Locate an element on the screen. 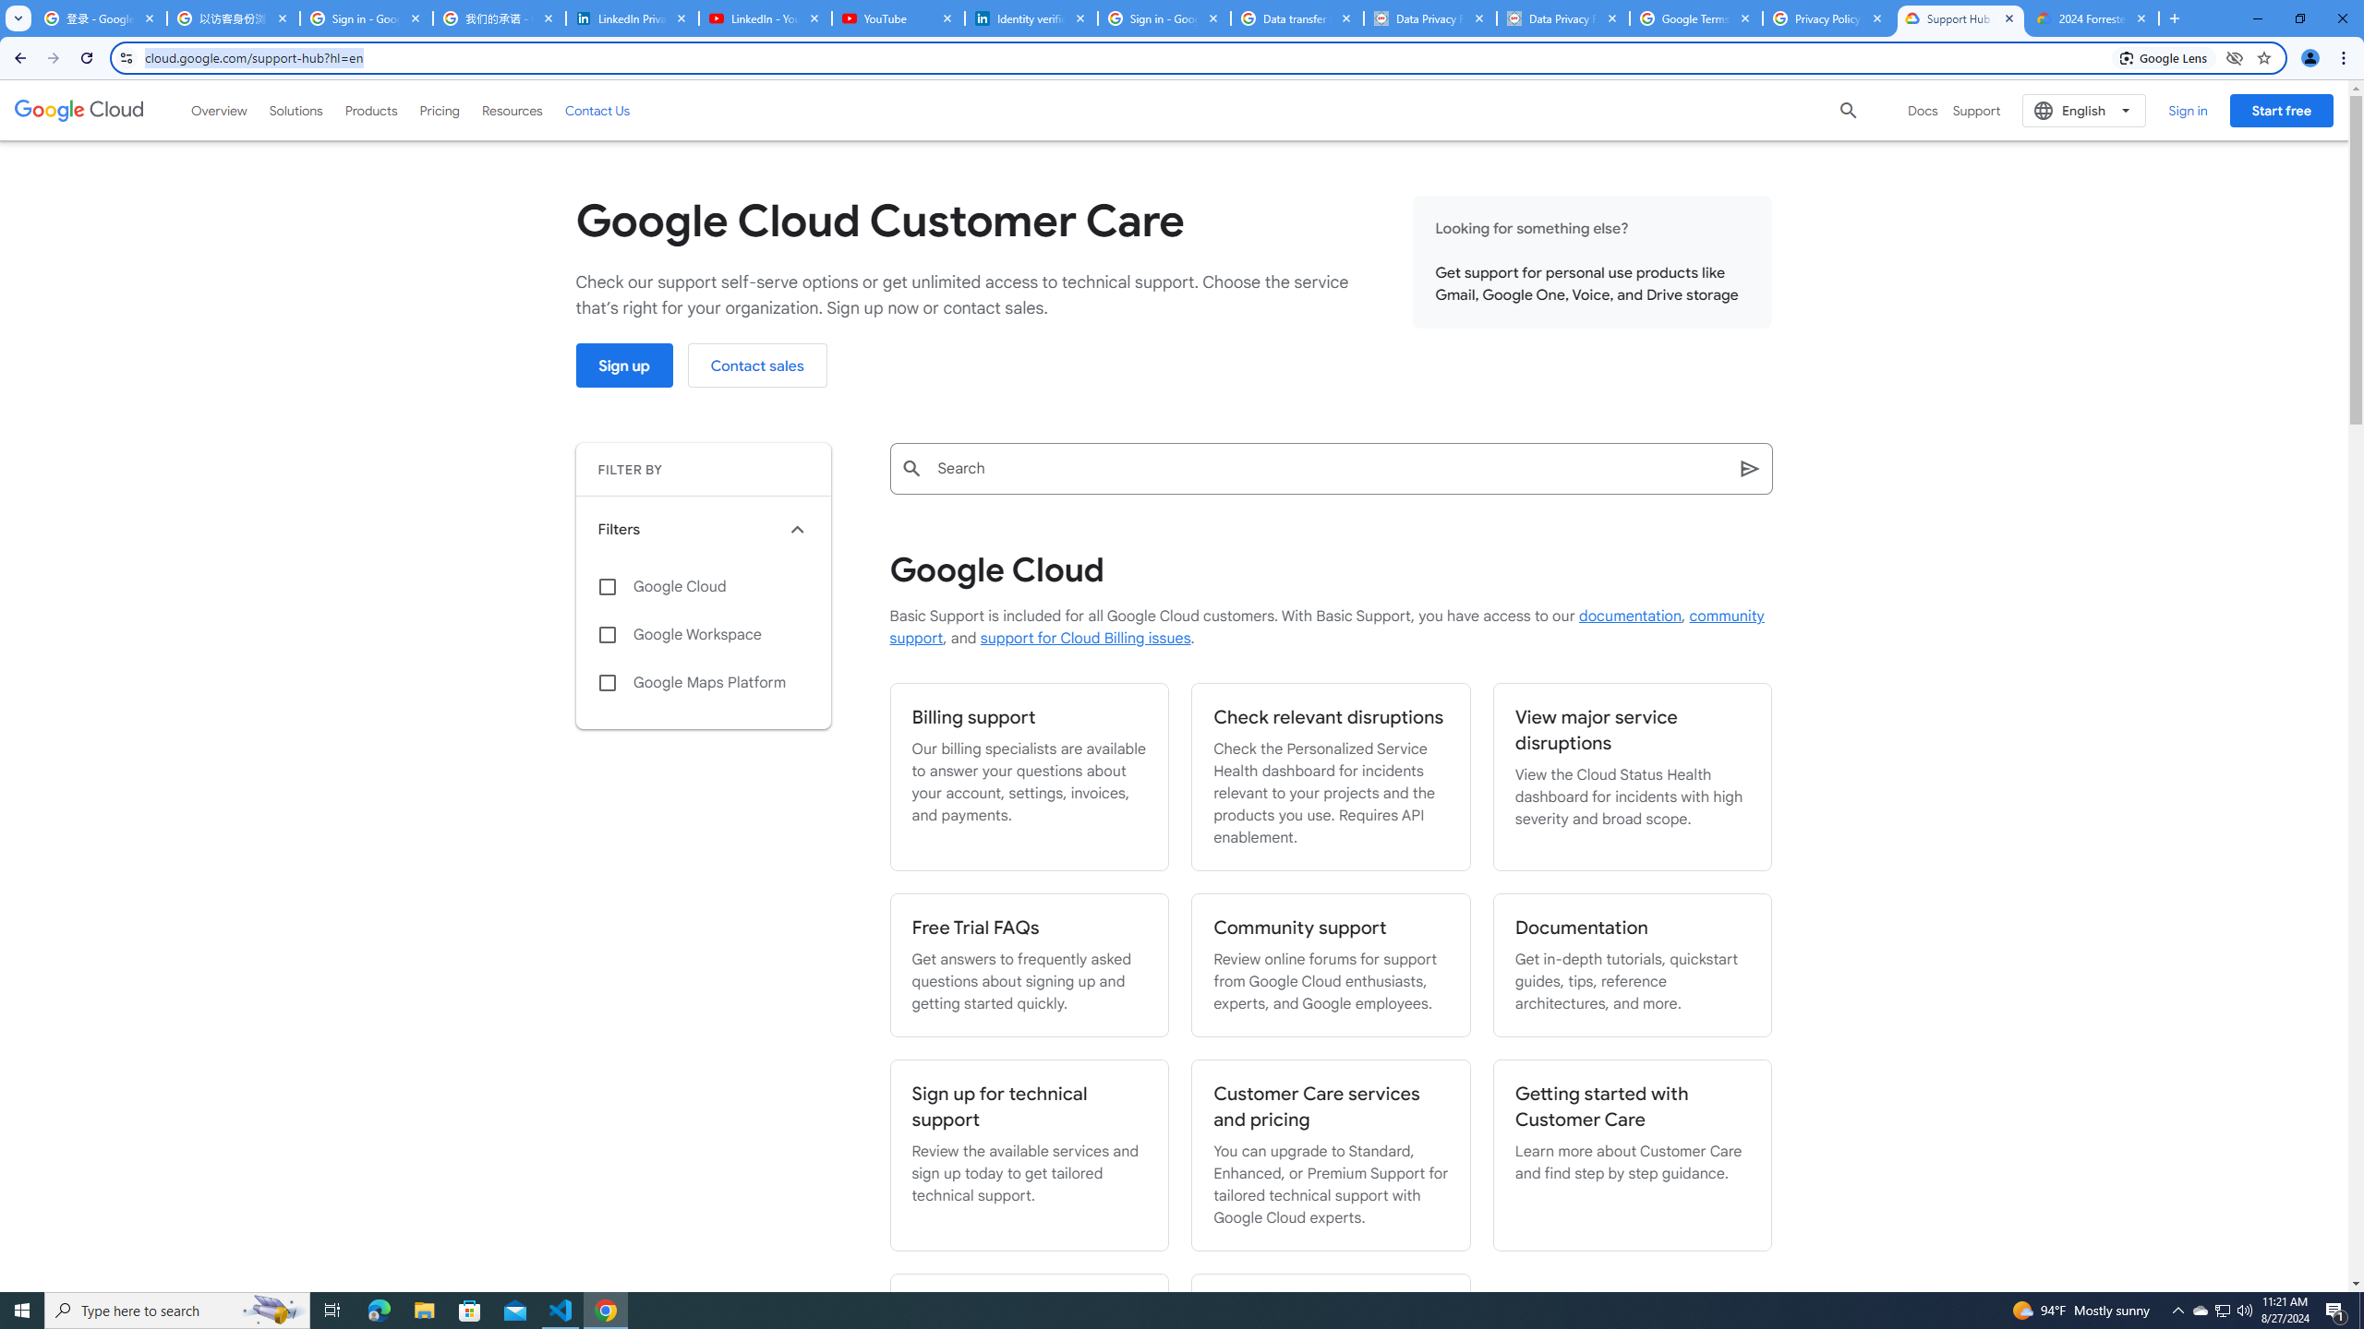 This screenshot has height=1329, width=2364. 'Products' is located at coordinates (369, 109).